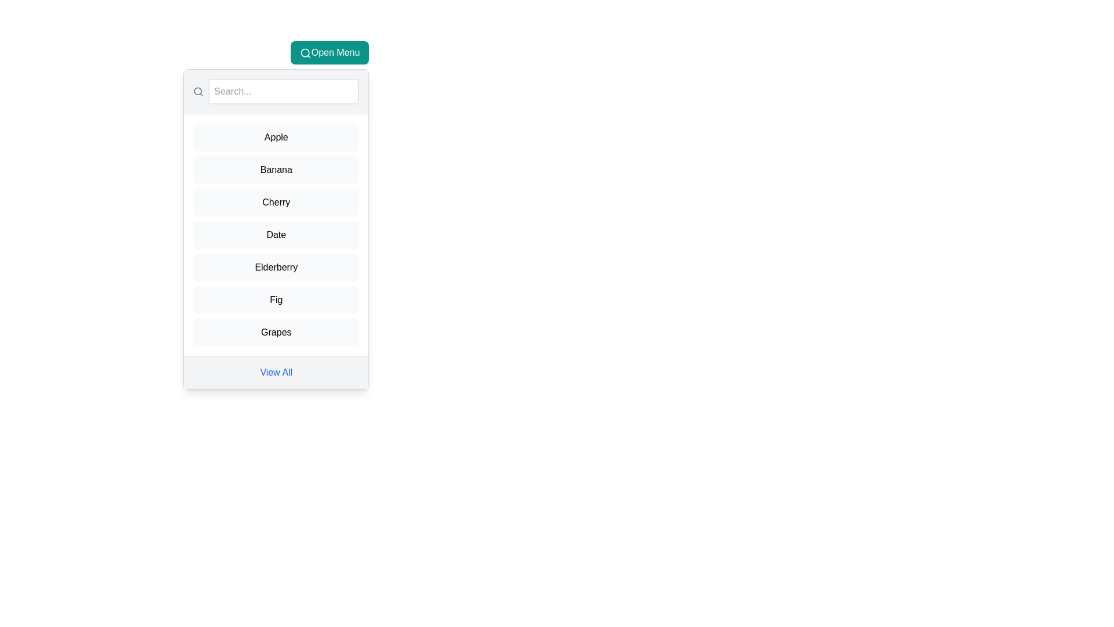 Image resolution: width=1114 pixels, height=627 pixels. Describe the element at coordinates (276, 201) in the screenshot. I see `the selectable item labeled 'Cherry' in the vertically arranged list` at that location.